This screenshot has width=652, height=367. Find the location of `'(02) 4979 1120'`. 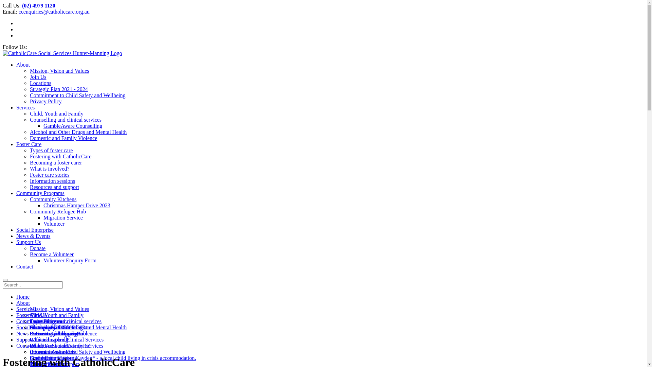

'(02) 4979 1120' is located at coordinates (38, 5).